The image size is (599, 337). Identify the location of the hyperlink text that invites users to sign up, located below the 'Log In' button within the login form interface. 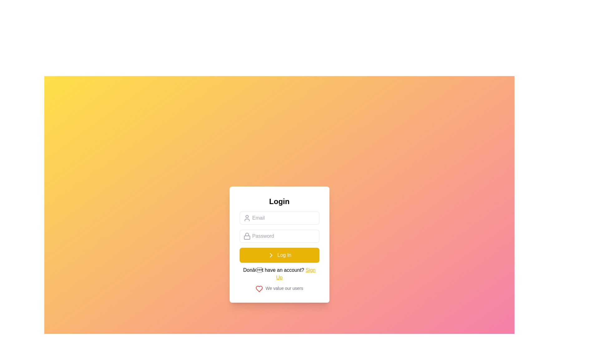
(295, 273).